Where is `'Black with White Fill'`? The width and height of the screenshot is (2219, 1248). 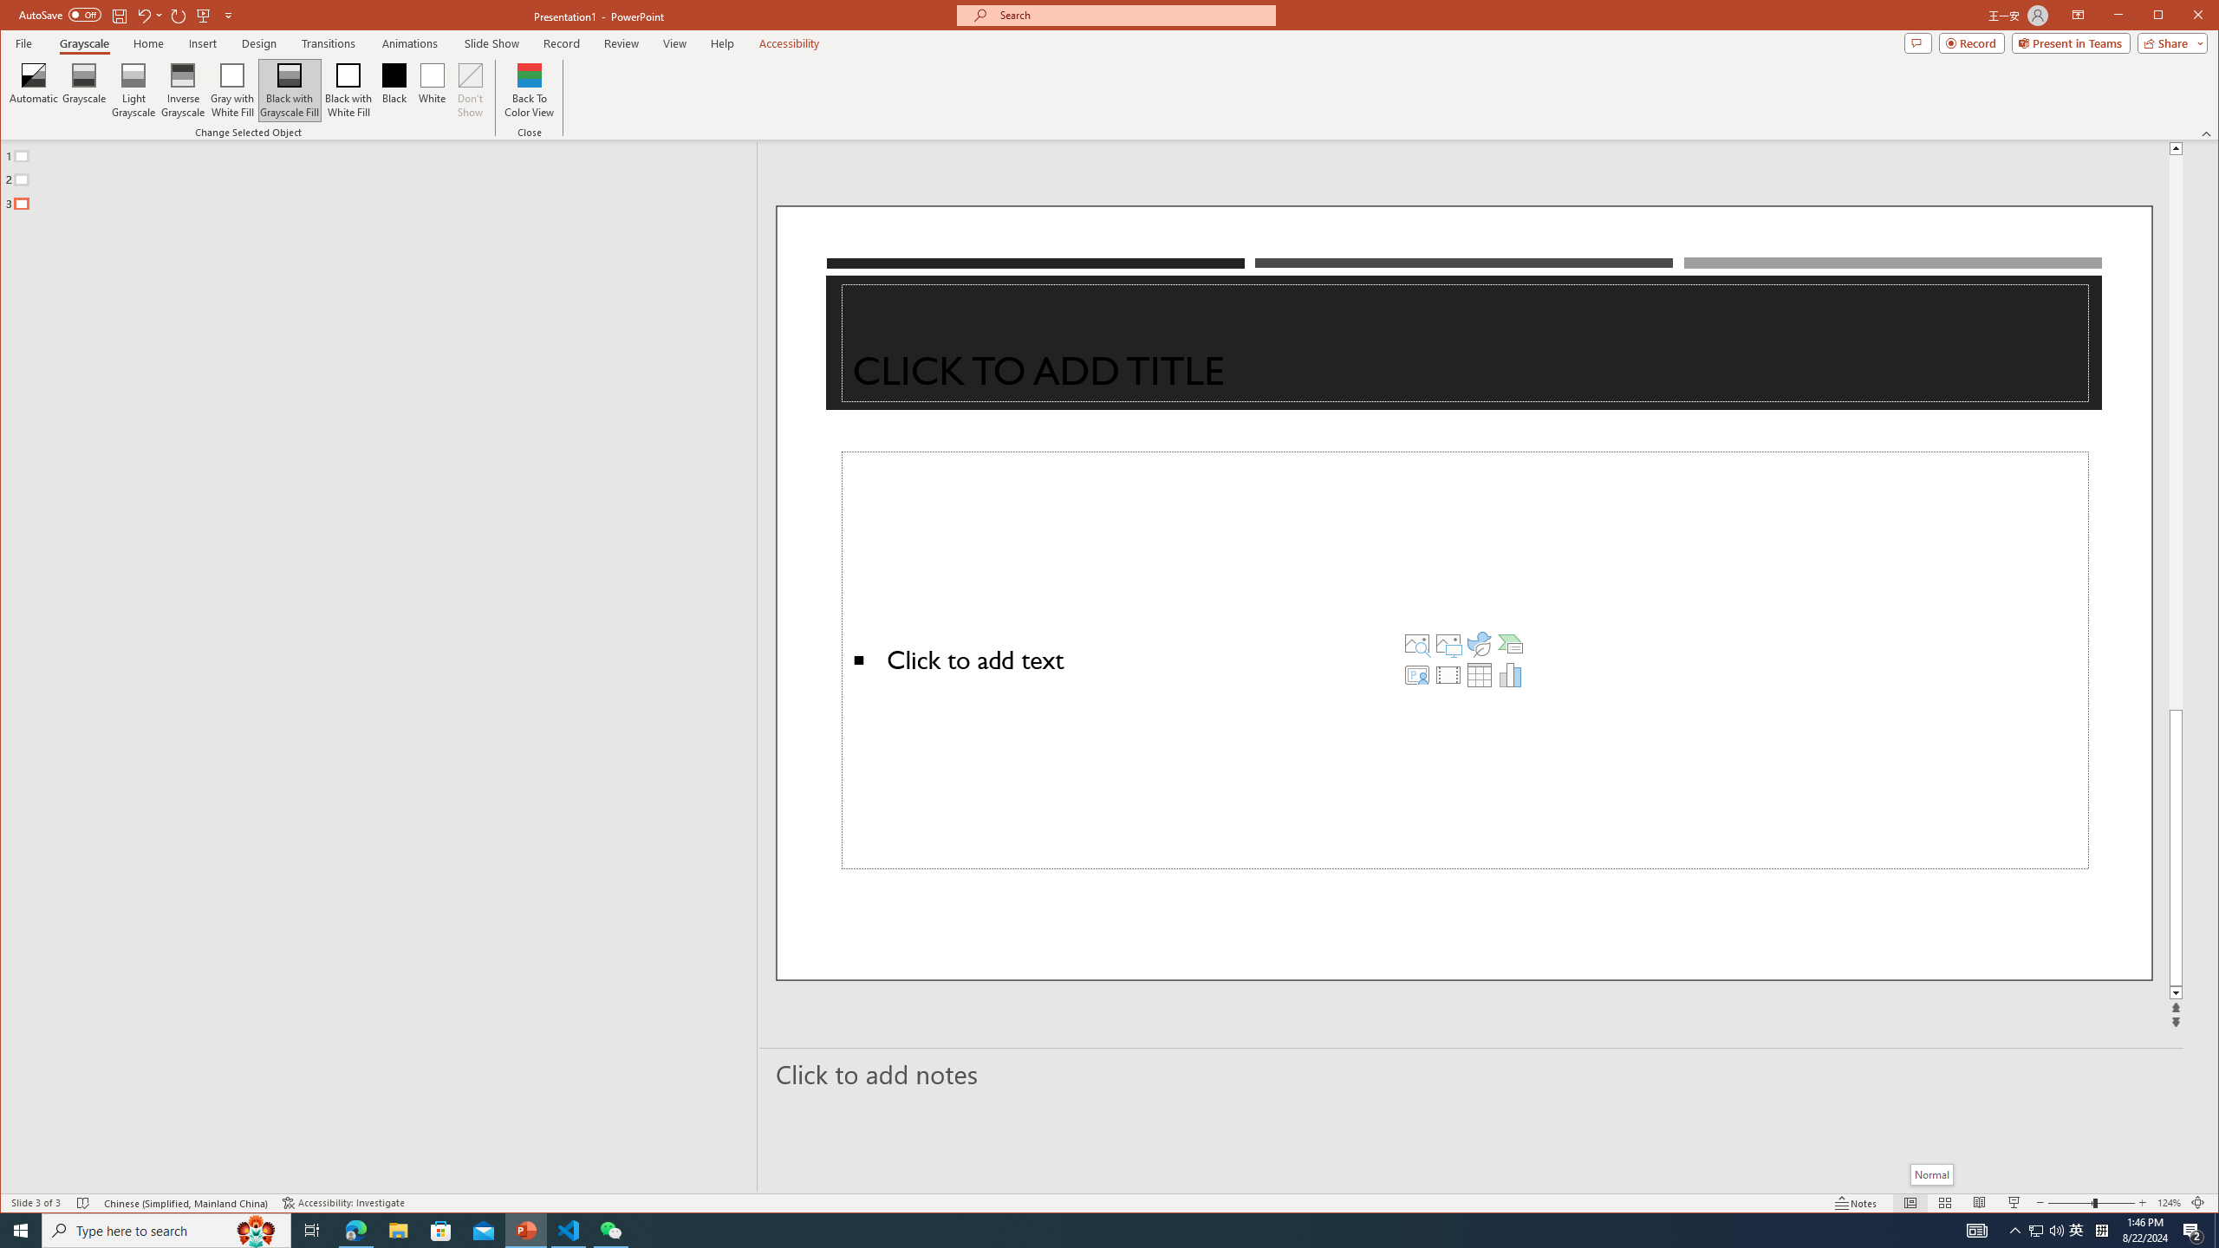 'Black with White Fill' is located at coordinates (349, 89).